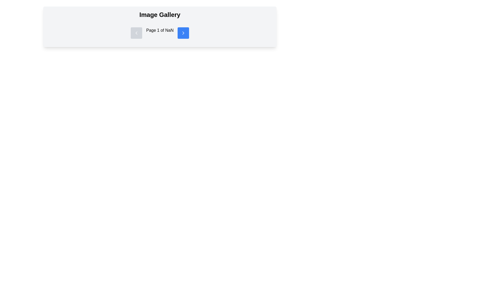 This screenshot has width=500, height=281. What do you see at coordinates (160, 33) in the screenshot?
I see `text displayed in the pagination label, which shows the current page number and total page number` at bounding box center [160, 33].